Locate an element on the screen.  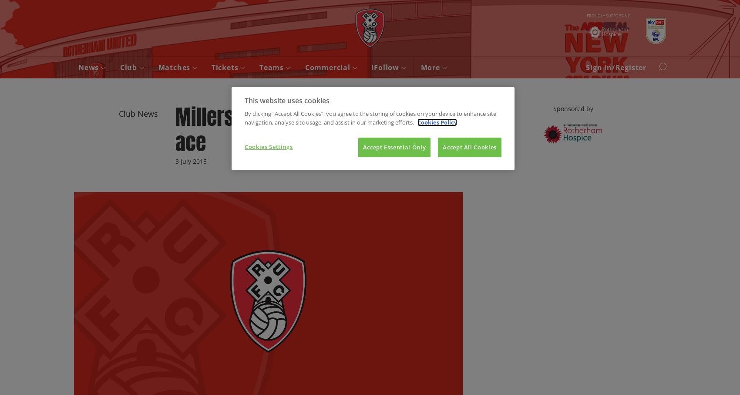
'3 July 2015' is located at coordinates (191, 160).